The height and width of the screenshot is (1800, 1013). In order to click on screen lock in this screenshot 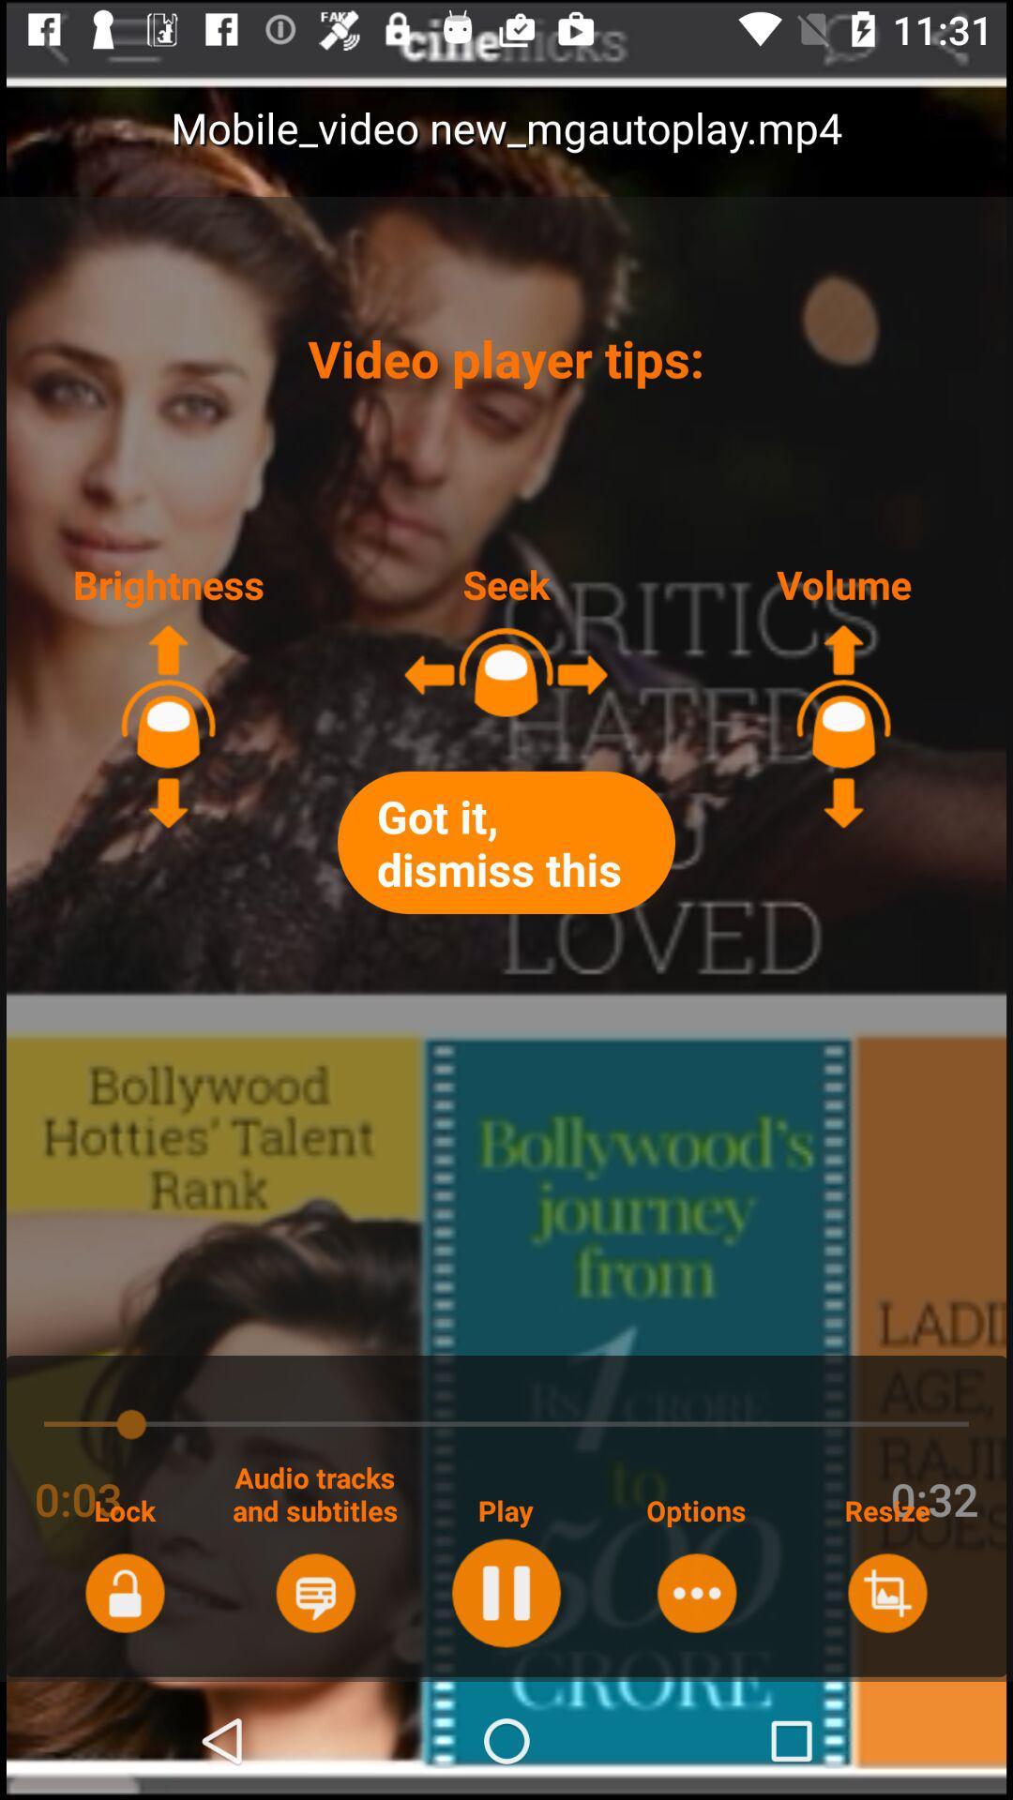, I will do `click(125, 1592)`.